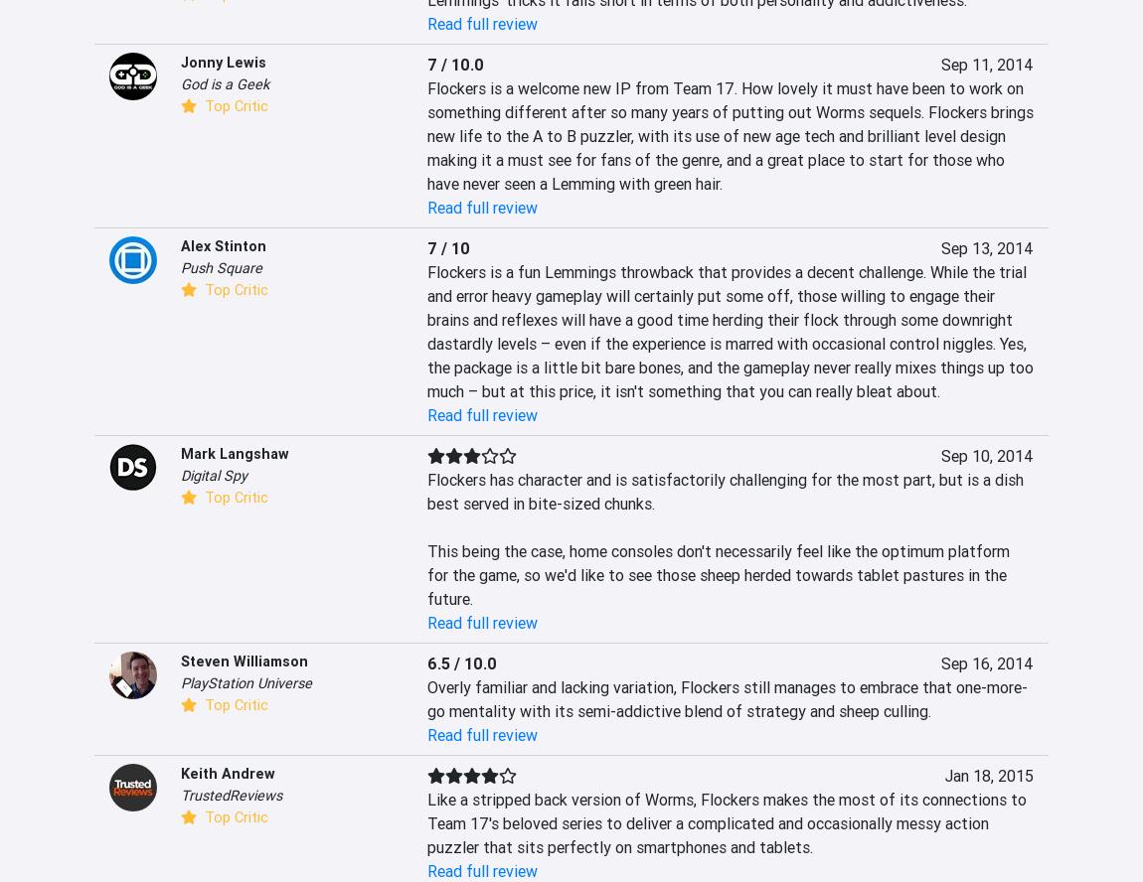  I want to click on 'Digital Spy', so click(213, 475).